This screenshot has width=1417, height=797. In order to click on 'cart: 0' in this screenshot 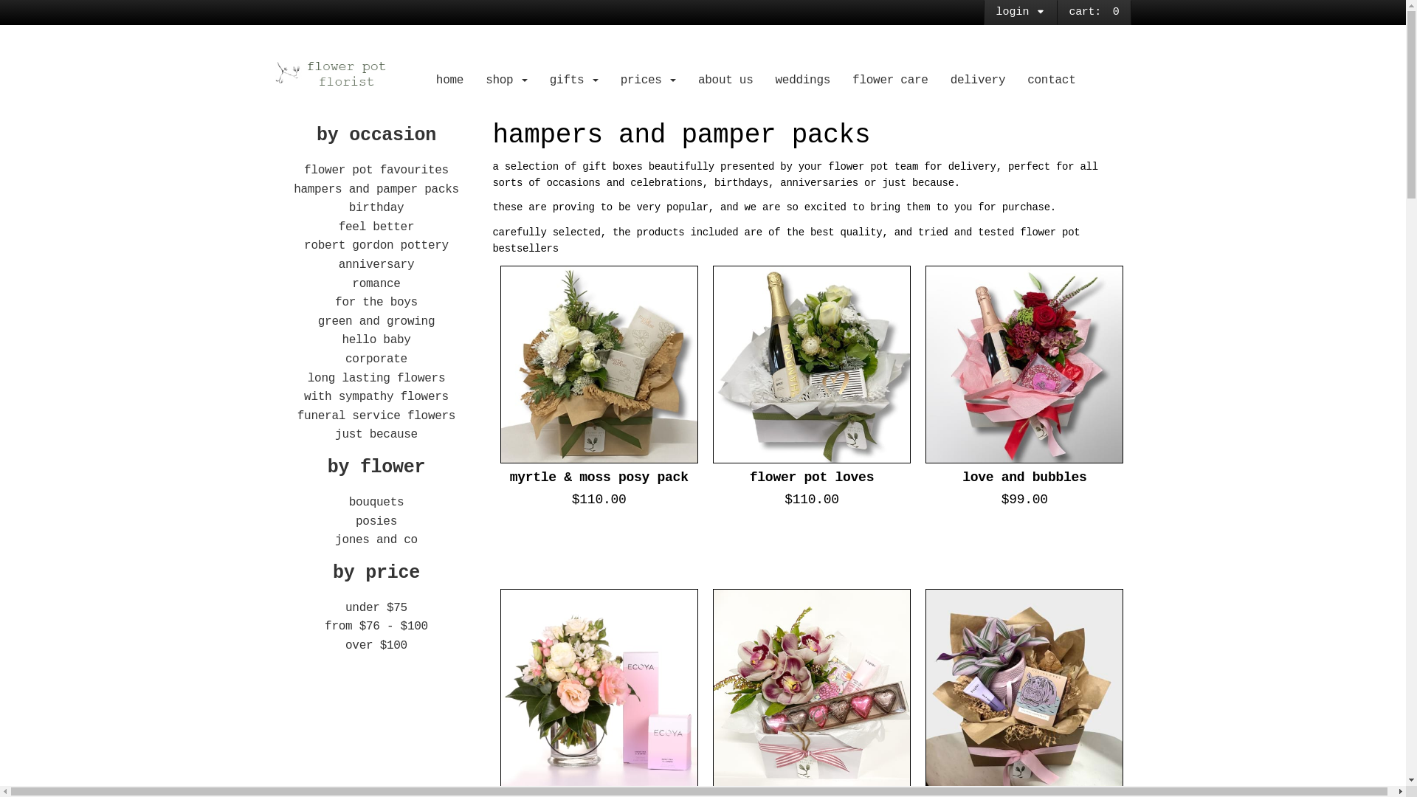, I will do `click(1094, 12)`.